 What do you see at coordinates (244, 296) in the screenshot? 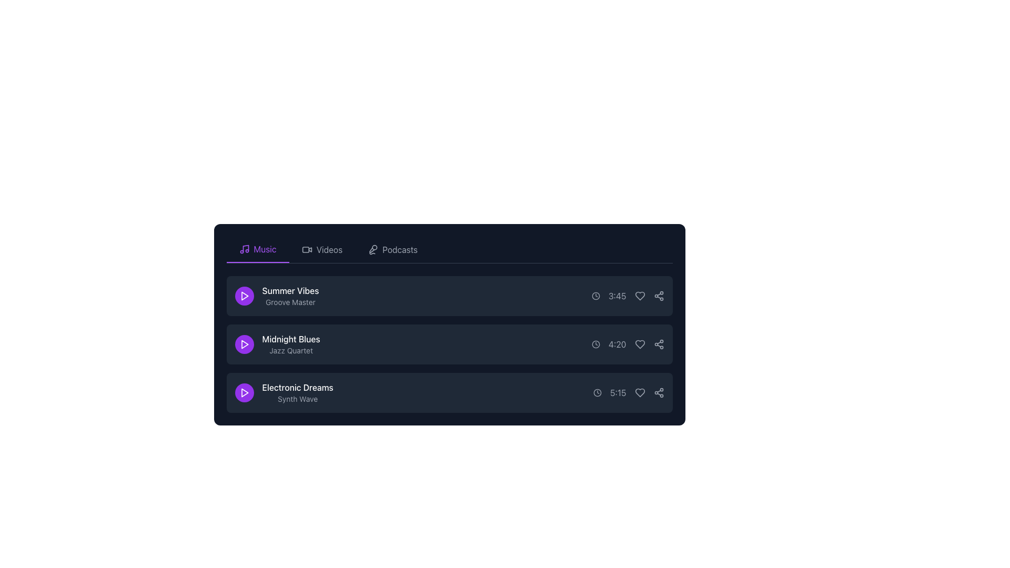
I see `the play button SVG icon located to the left of the text 'Summer Vibes'` at bounding box center [244, 296].